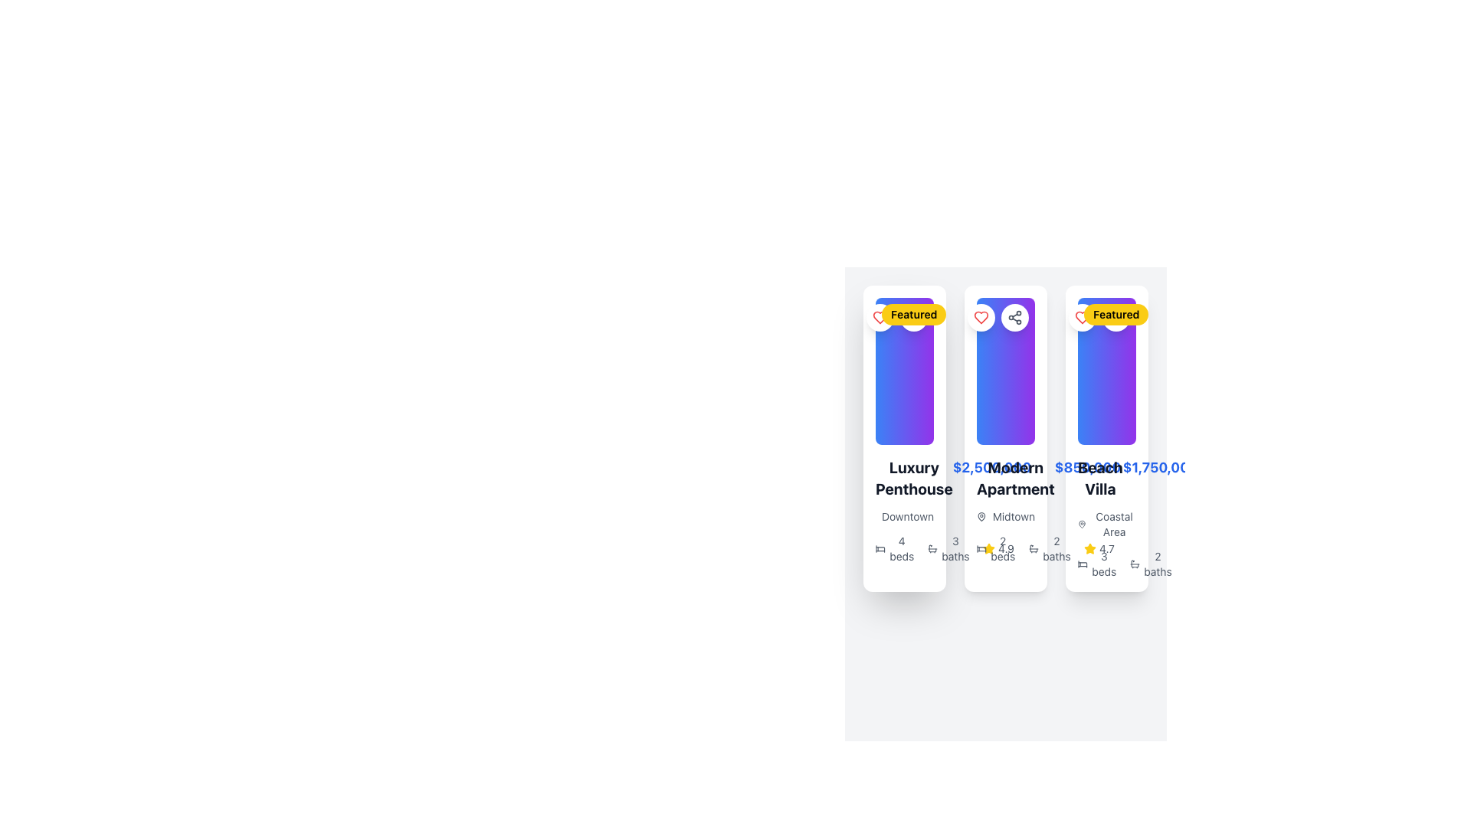 The image size is (1471, 827). I want to click on location pin icon representing 'Midtown', which is the leftmost element in the group containing the icon and the text 'Midtown', located below the title and price information of the central card in a grid of three cards, so click(981, 517).